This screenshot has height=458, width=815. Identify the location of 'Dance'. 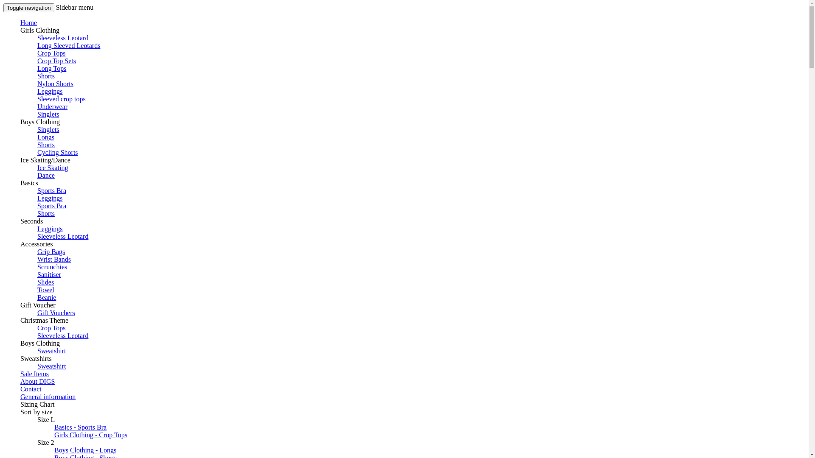
(45, 175).